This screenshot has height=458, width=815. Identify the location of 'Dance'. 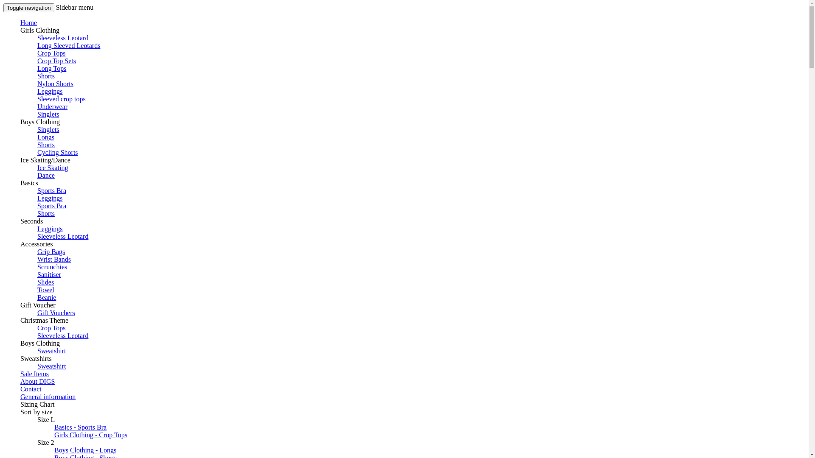
(45, 175).